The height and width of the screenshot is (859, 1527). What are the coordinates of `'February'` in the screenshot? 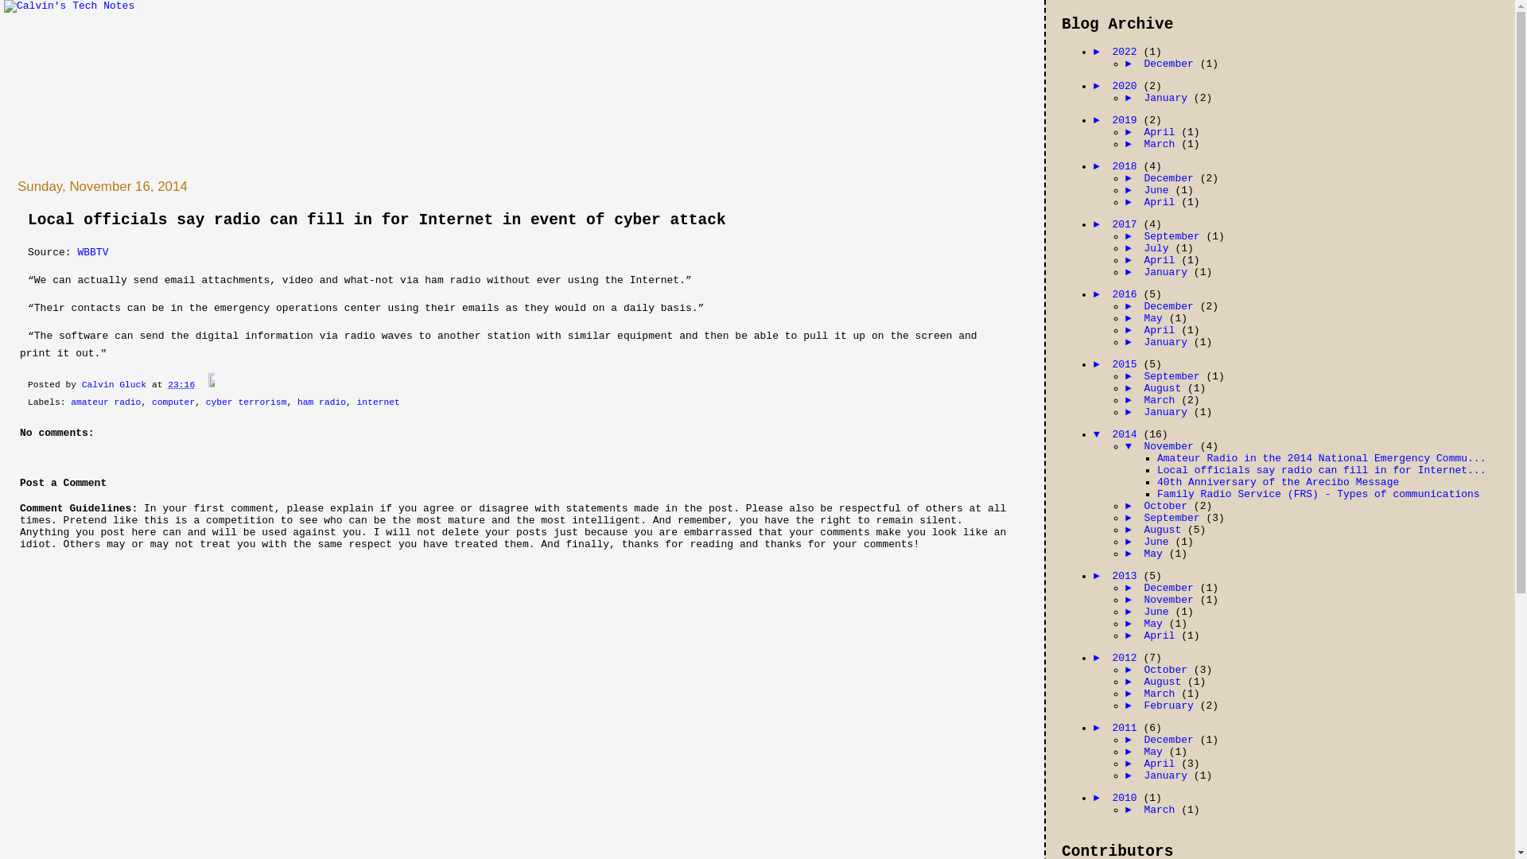 It's located at (1171, 705).